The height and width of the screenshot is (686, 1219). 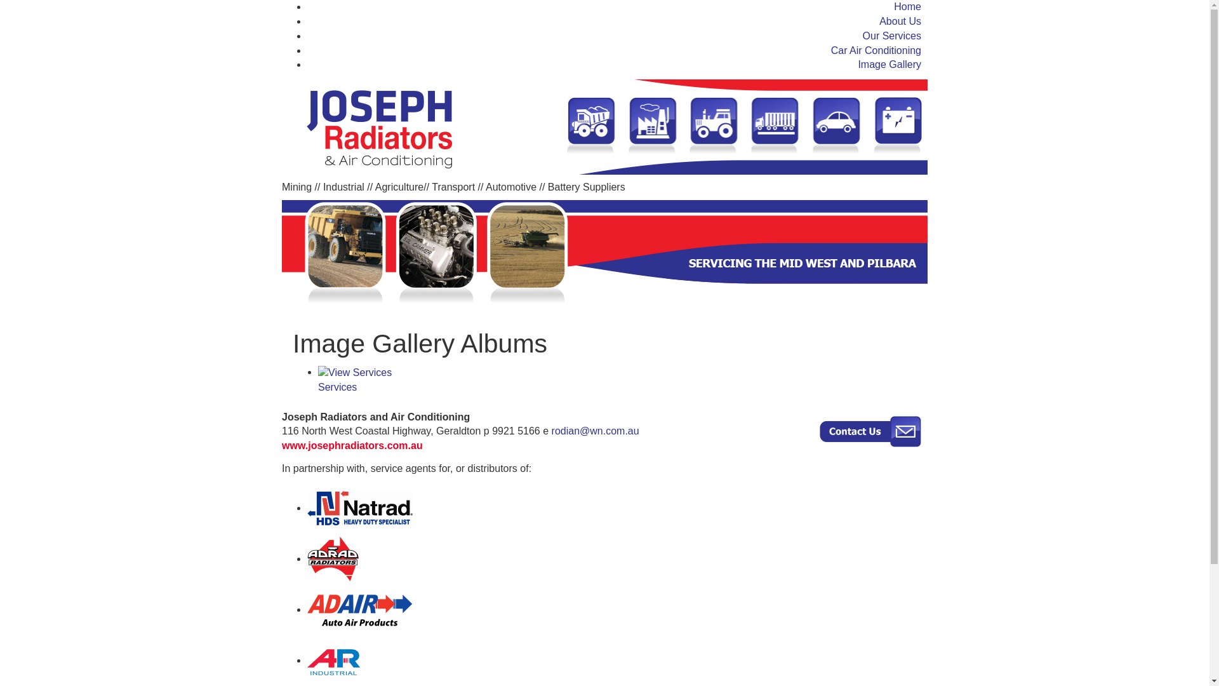 What do you see at coordinates (876, 50) in the screenshot?
I see `'Car Air Conditioning'` at bounding box center [876, 50].